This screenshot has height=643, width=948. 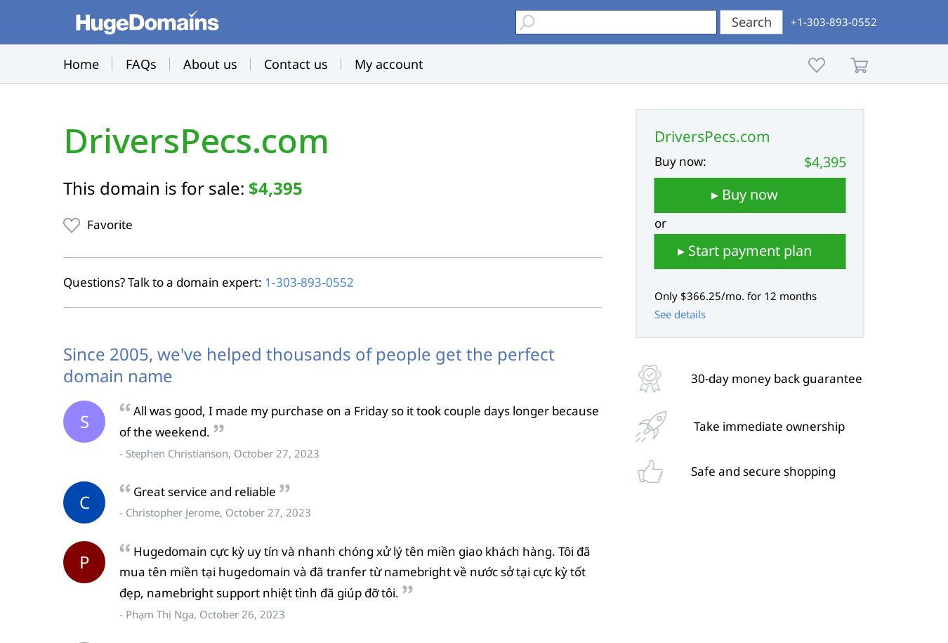 I want to click on '+1-303-893-0552', so click(x=833, y=22).